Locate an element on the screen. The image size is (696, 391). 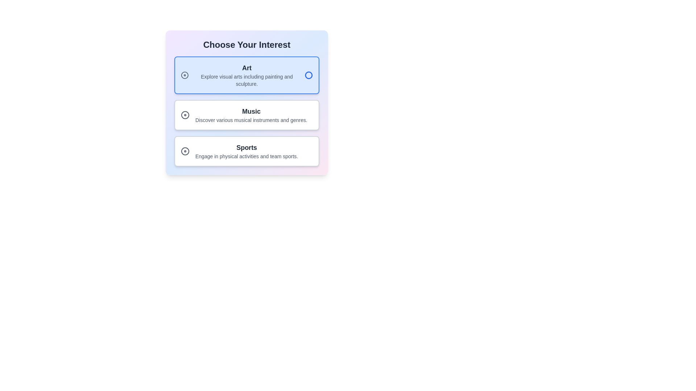
the first selectable card in the list is located at coordinates (247, 75).